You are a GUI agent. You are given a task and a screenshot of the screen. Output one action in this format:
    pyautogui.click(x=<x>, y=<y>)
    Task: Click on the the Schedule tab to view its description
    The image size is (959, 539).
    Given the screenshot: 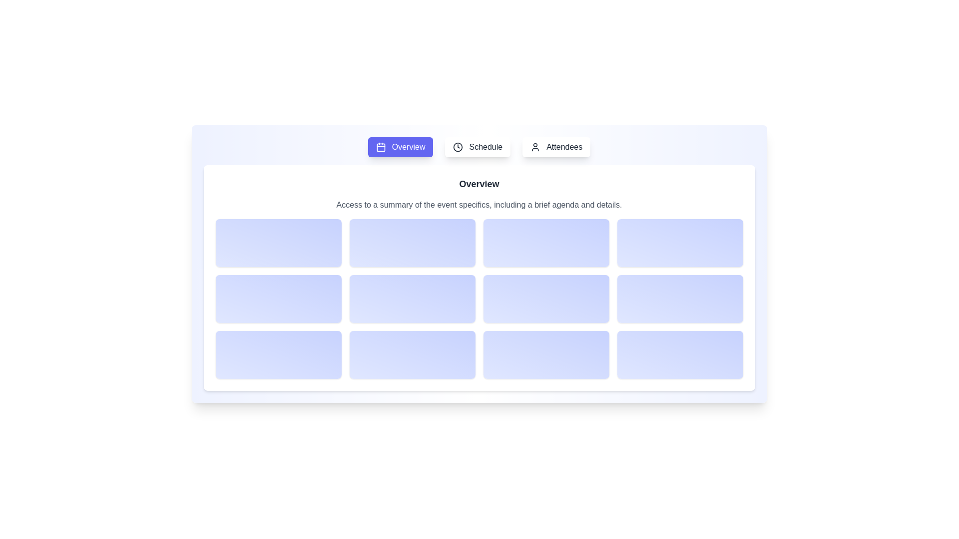 What is the action you would take?
    pyautogui.click(x=477, y=147)
    